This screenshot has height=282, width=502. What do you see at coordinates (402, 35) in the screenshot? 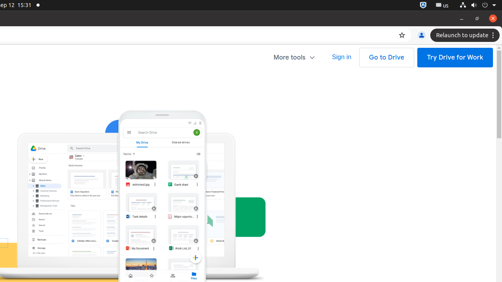
I see `'Bookmark this tab'` at bounding box center [402, 35].